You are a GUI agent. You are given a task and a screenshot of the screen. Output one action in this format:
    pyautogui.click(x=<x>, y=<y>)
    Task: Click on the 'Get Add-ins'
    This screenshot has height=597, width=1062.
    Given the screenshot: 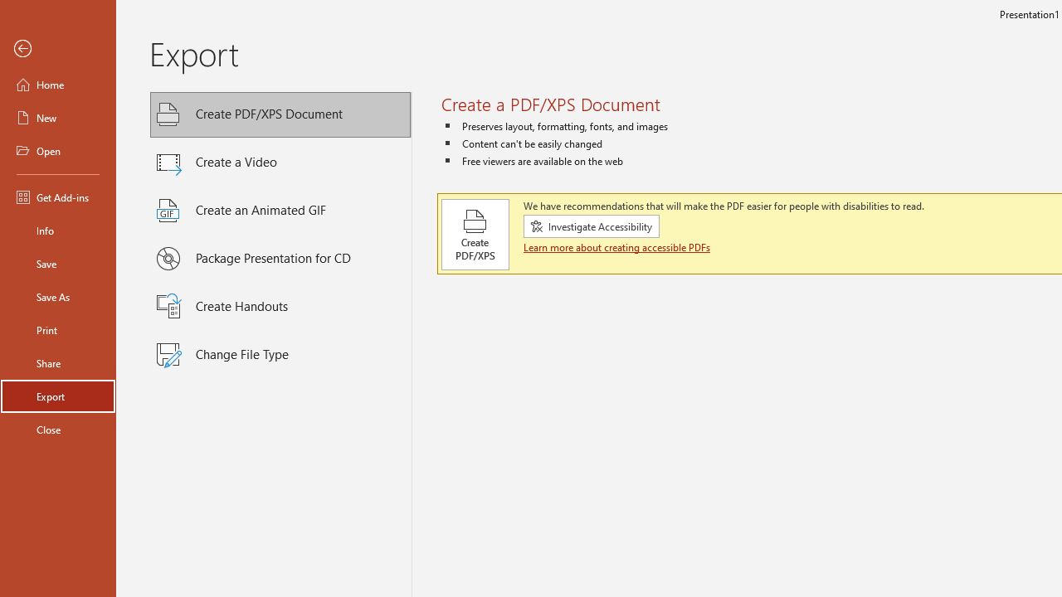 What is the action you would take?
    pyautogui.click(x=57, y=196)
    